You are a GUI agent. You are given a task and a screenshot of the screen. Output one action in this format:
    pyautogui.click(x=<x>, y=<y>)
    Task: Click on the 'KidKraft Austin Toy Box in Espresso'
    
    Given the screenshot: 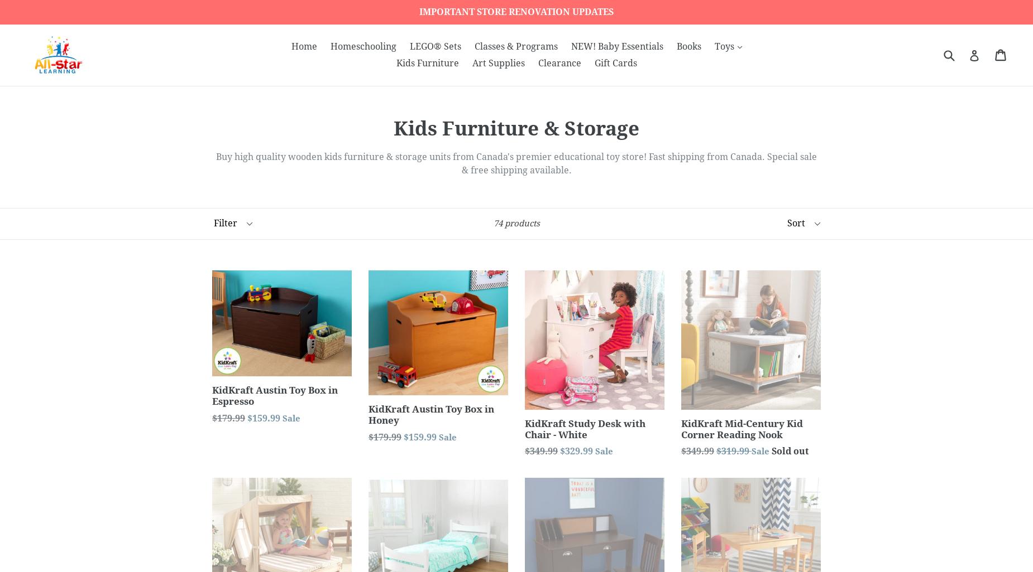 What is the action you would take?
    pyautogui.click(x=275, y=395)
    